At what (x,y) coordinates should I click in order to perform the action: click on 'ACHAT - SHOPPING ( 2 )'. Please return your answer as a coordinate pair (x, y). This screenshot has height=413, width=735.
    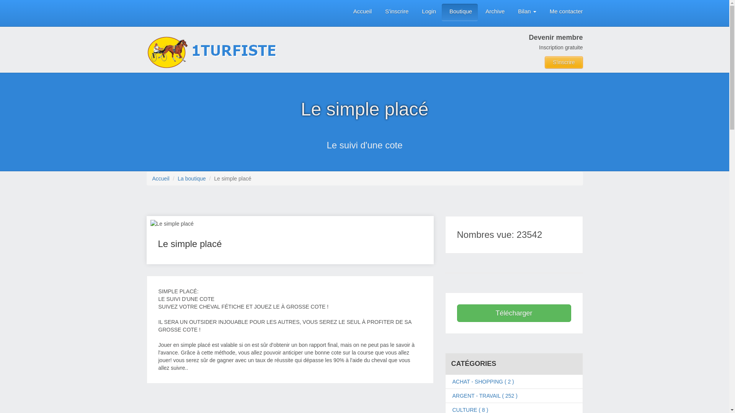
    Looking at the image, I should click on (483, 382).